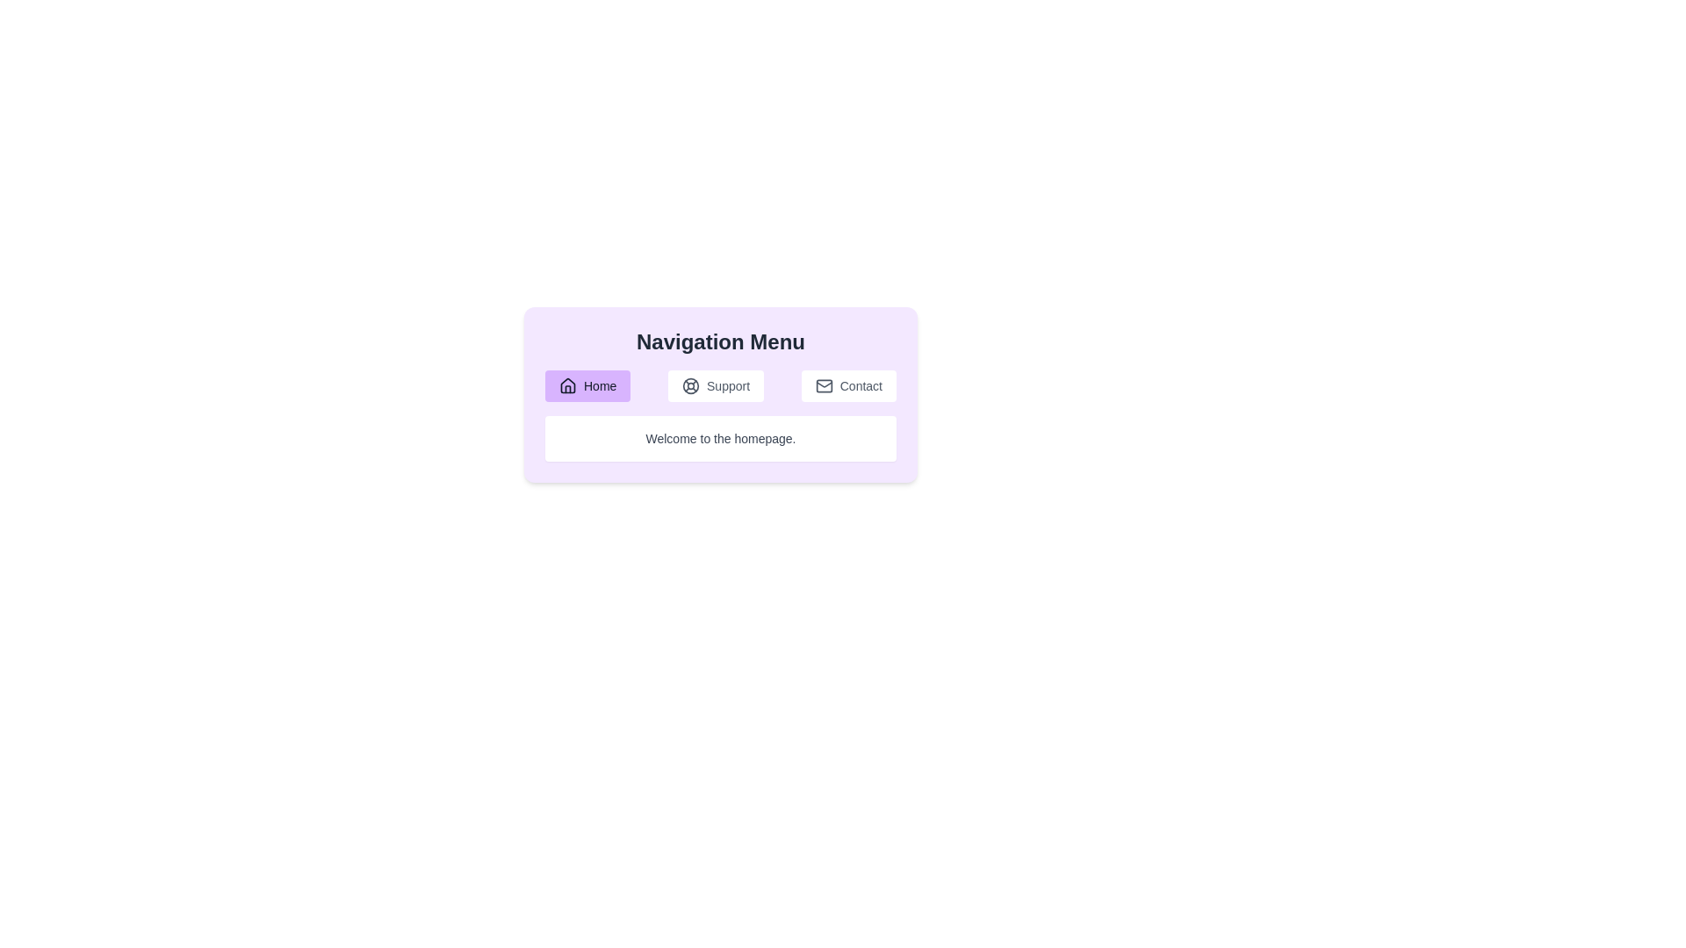 This screenshot has height=948, width=1686. Describe the element at coordinates (861, 384) in the screenshot. I see `the static text within the 'Contact' button in the navigation menu, which indicates the button's functionality` at that location.